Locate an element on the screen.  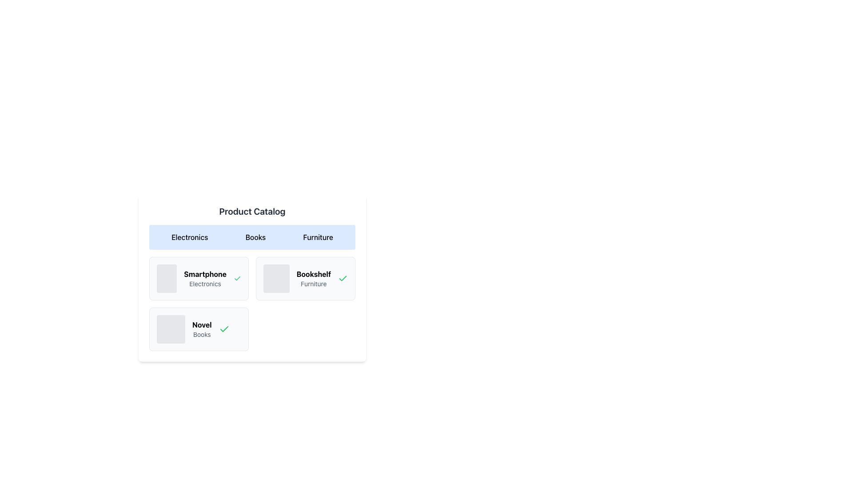
the light gray, rounded square image placeholder within the 'Bookshelf Furniture' component as part of a group action is located at coordinates (276, 278).